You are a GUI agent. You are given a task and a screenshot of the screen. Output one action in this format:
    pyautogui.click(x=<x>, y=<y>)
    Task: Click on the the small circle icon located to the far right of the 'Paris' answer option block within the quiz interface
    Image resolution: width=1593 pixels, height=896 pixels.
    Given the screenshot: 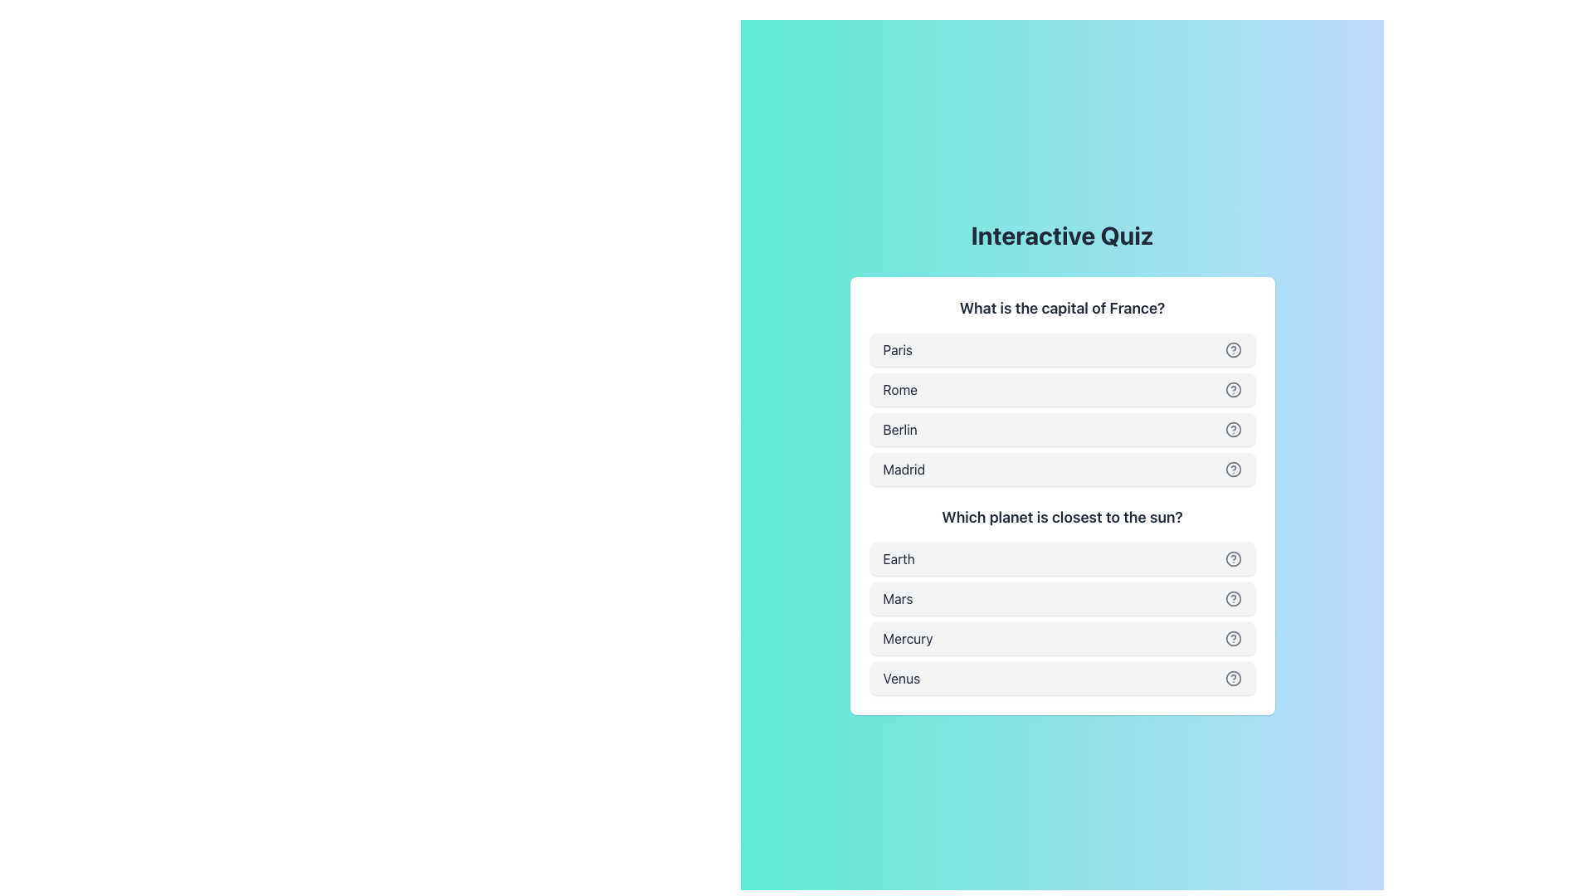 What is the action you would take?
    pyautogui.click(x=1233, y=348)
    